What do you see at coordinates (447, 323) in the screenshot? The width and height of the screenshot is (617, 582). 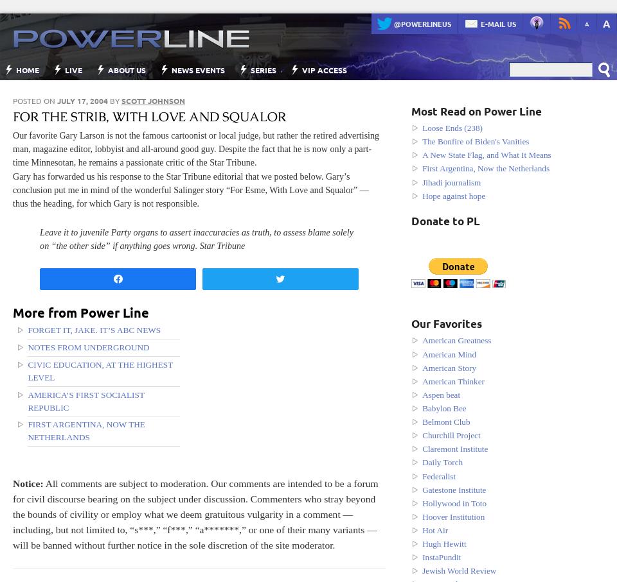 I see `'Our Favorites'` at bounding box center [447, 323].